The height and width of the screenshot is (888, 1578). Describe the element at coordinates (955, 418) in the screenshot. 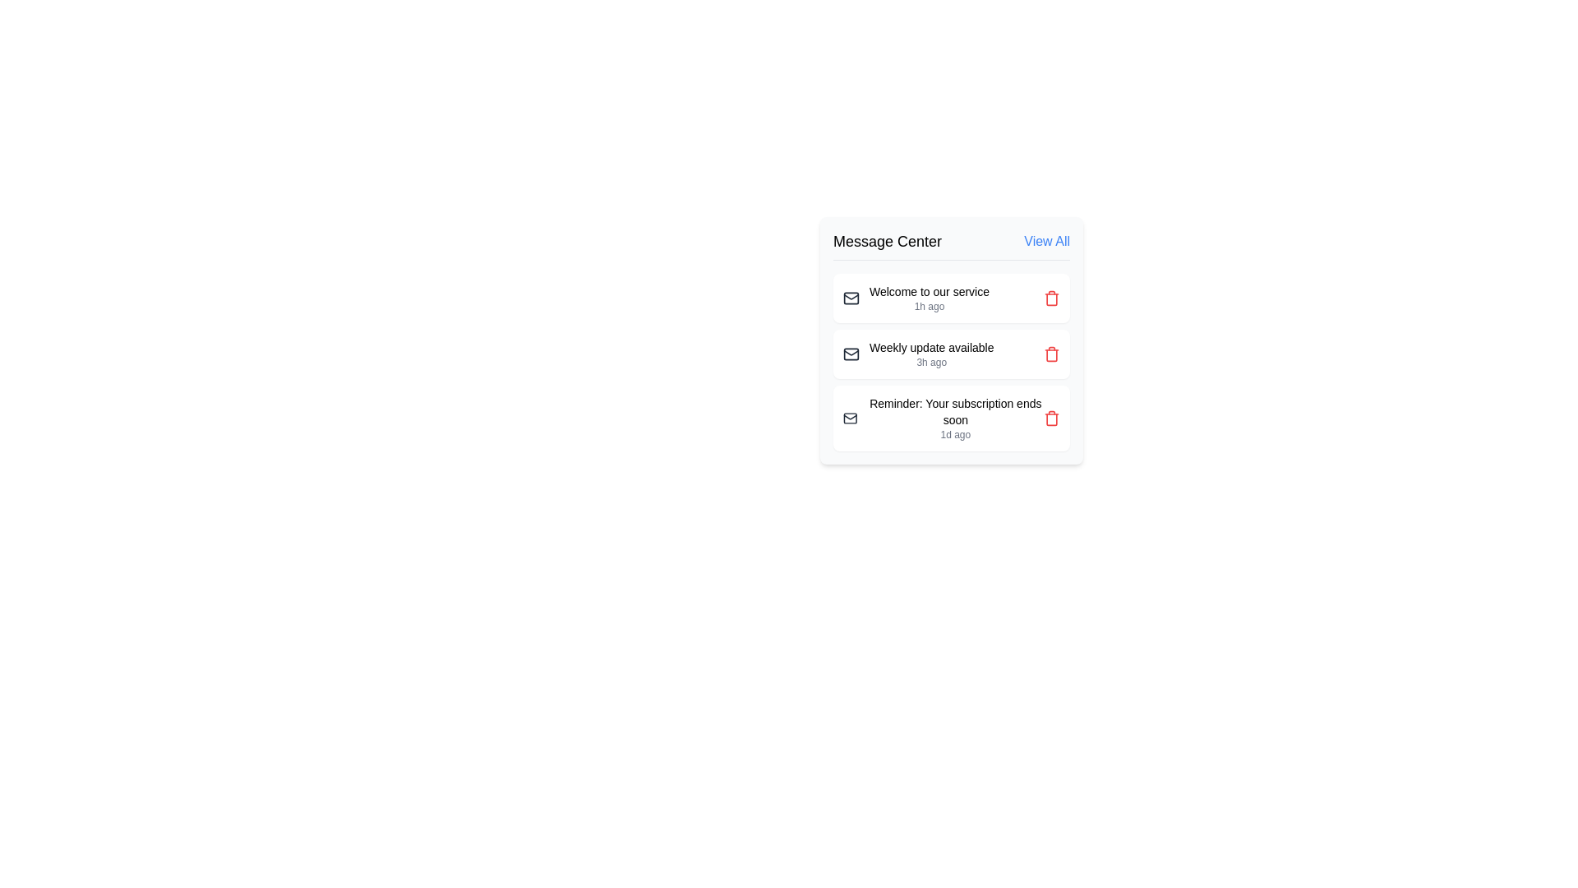

I see `the Notification entry indicating that the user's subscription is nearing its end, which is located in the third notification slot of the Message Center section` at that location.